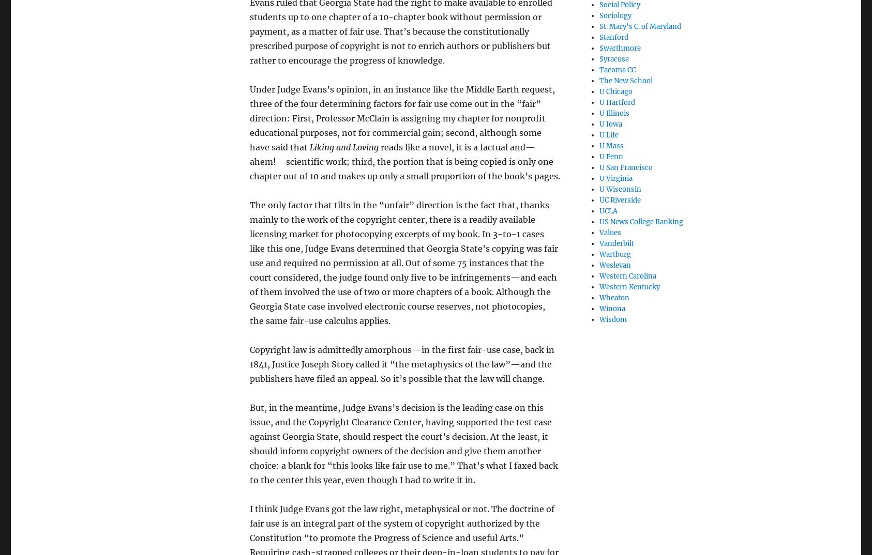 This screenshot has width=872, height=555. What do you see at coordinates (343, 146) in the screenshot?
I see `'Liking and Loving'` at bounding box center [343, 146].